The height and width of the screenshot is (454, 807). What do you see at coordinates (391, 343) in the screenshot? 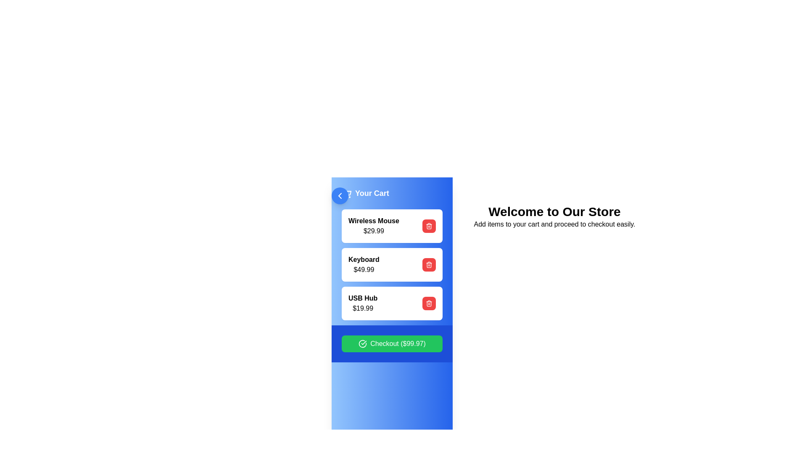
I see `the checkout button located at the bottom of the 'Your Cart' panel` at bounding box center [391, 343].